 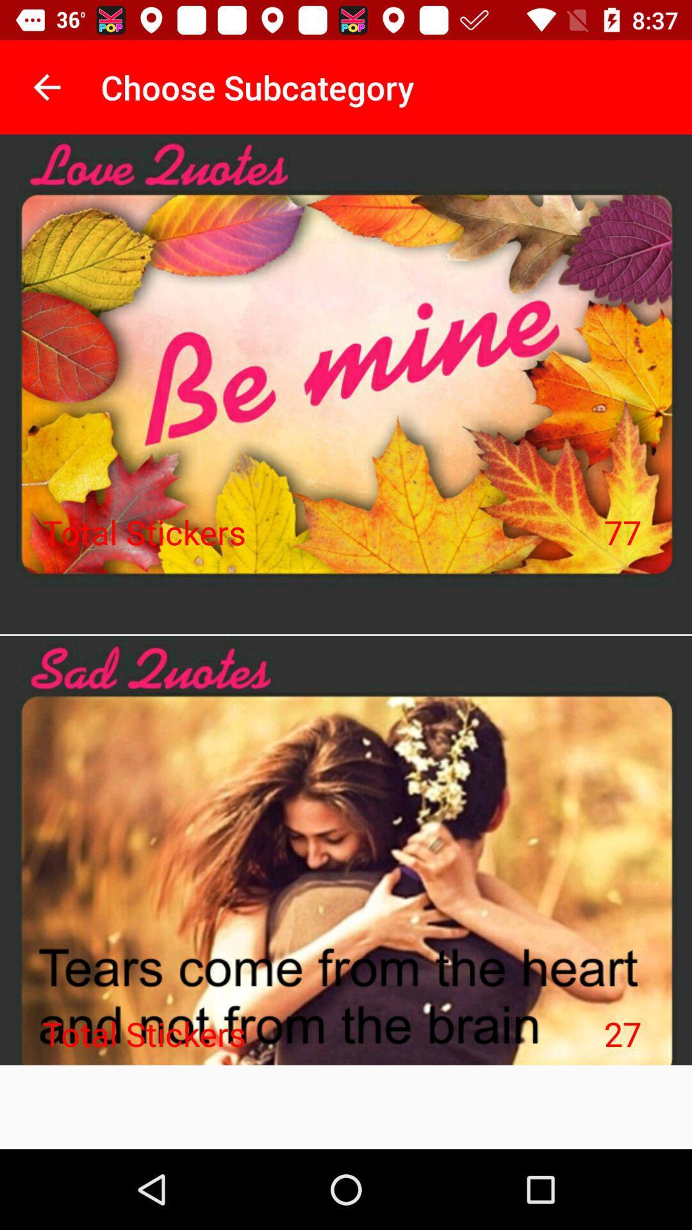 What do you see at coordinates (622, 532) in the screenshot?
I see `icon to the right of total stickers icon` at bounding box center [622, 532].